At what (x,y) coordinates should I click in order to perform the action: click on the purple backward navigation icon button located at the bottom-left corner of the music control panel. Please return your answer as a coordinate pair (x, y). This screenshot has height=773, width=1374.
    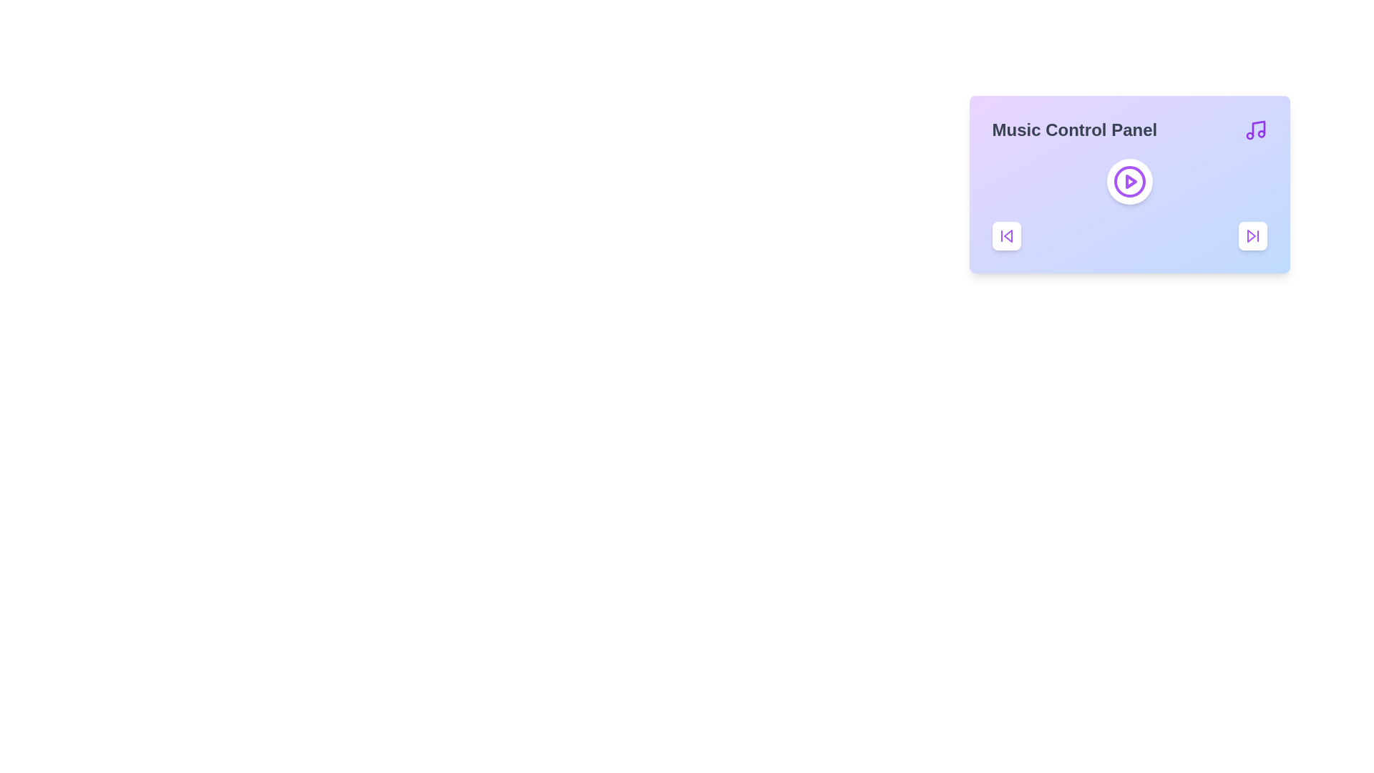
    Looking at the image, I should click on (1005, 235).